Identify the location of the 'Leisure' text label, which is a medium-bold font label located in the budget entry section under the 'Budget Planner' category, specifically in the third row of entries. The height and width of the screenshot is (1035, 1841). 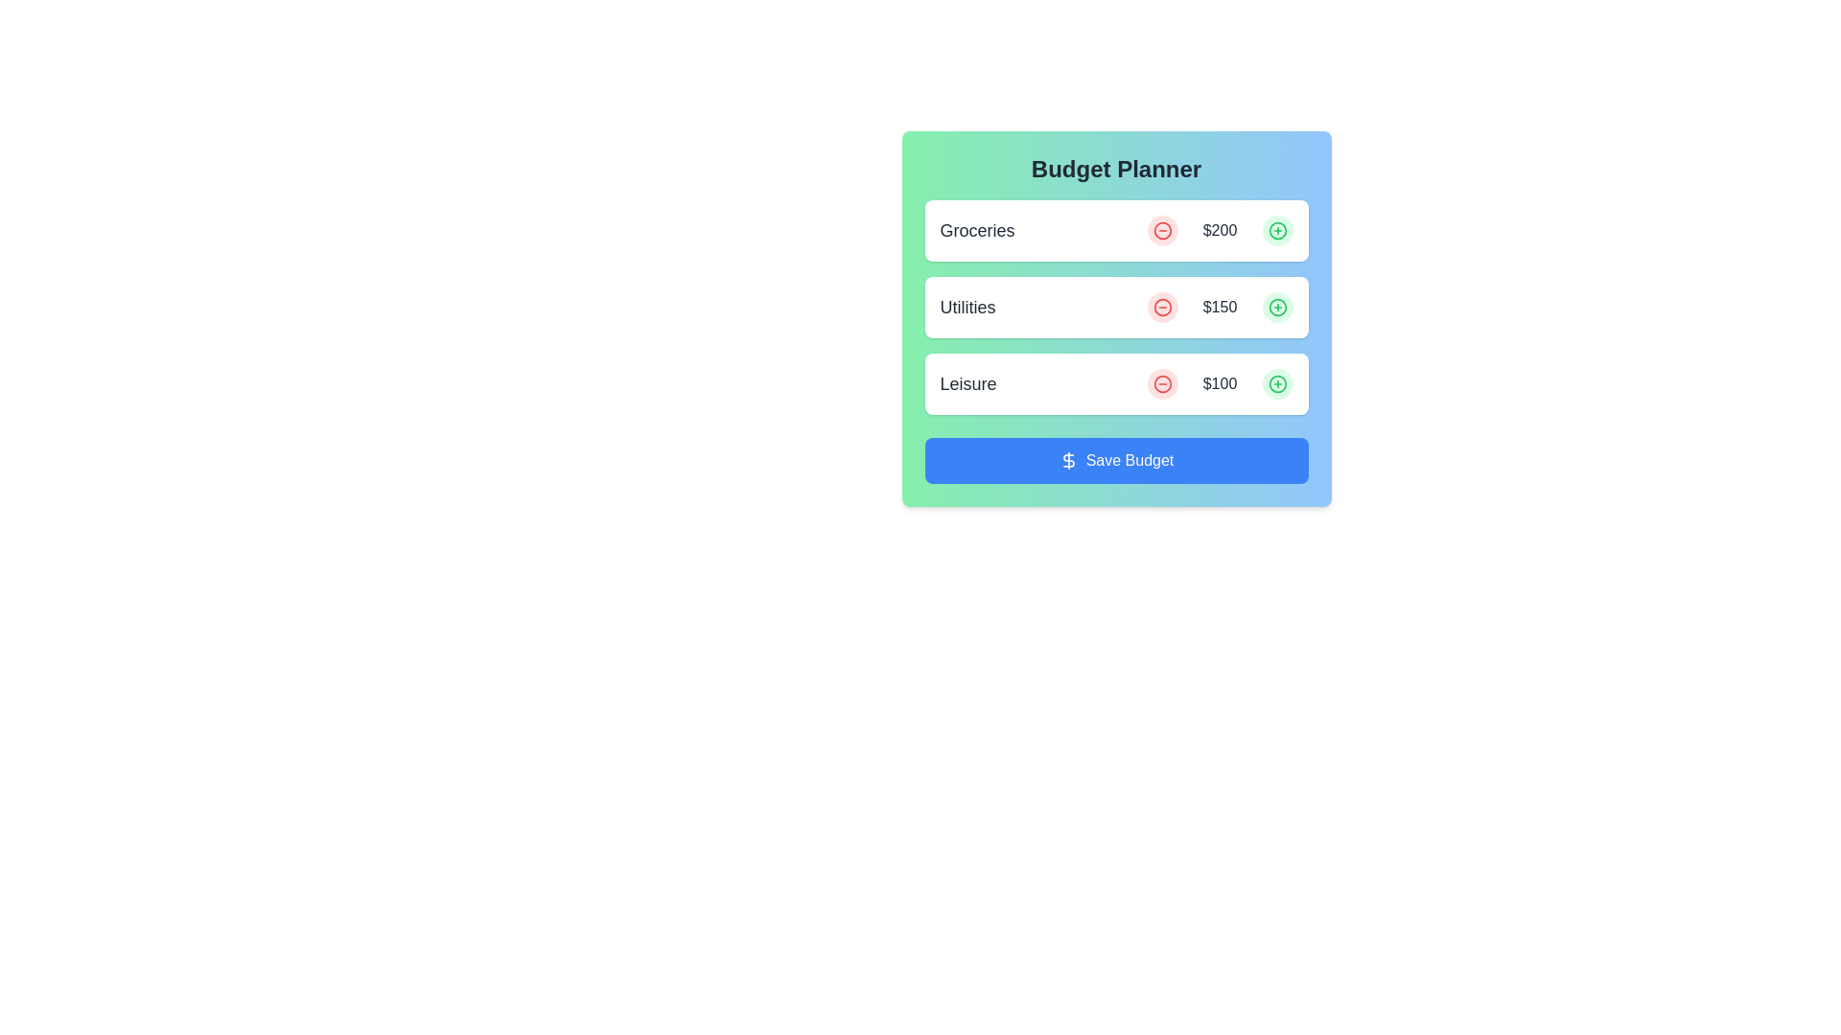
(968, 384).